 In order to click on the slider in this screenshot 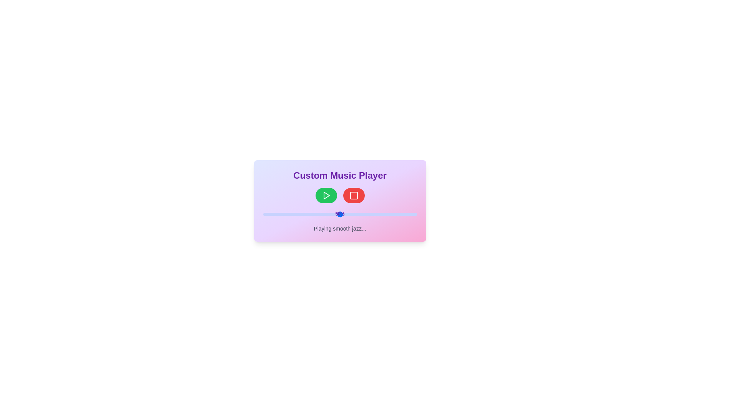, I will do `click(372, 214)`.